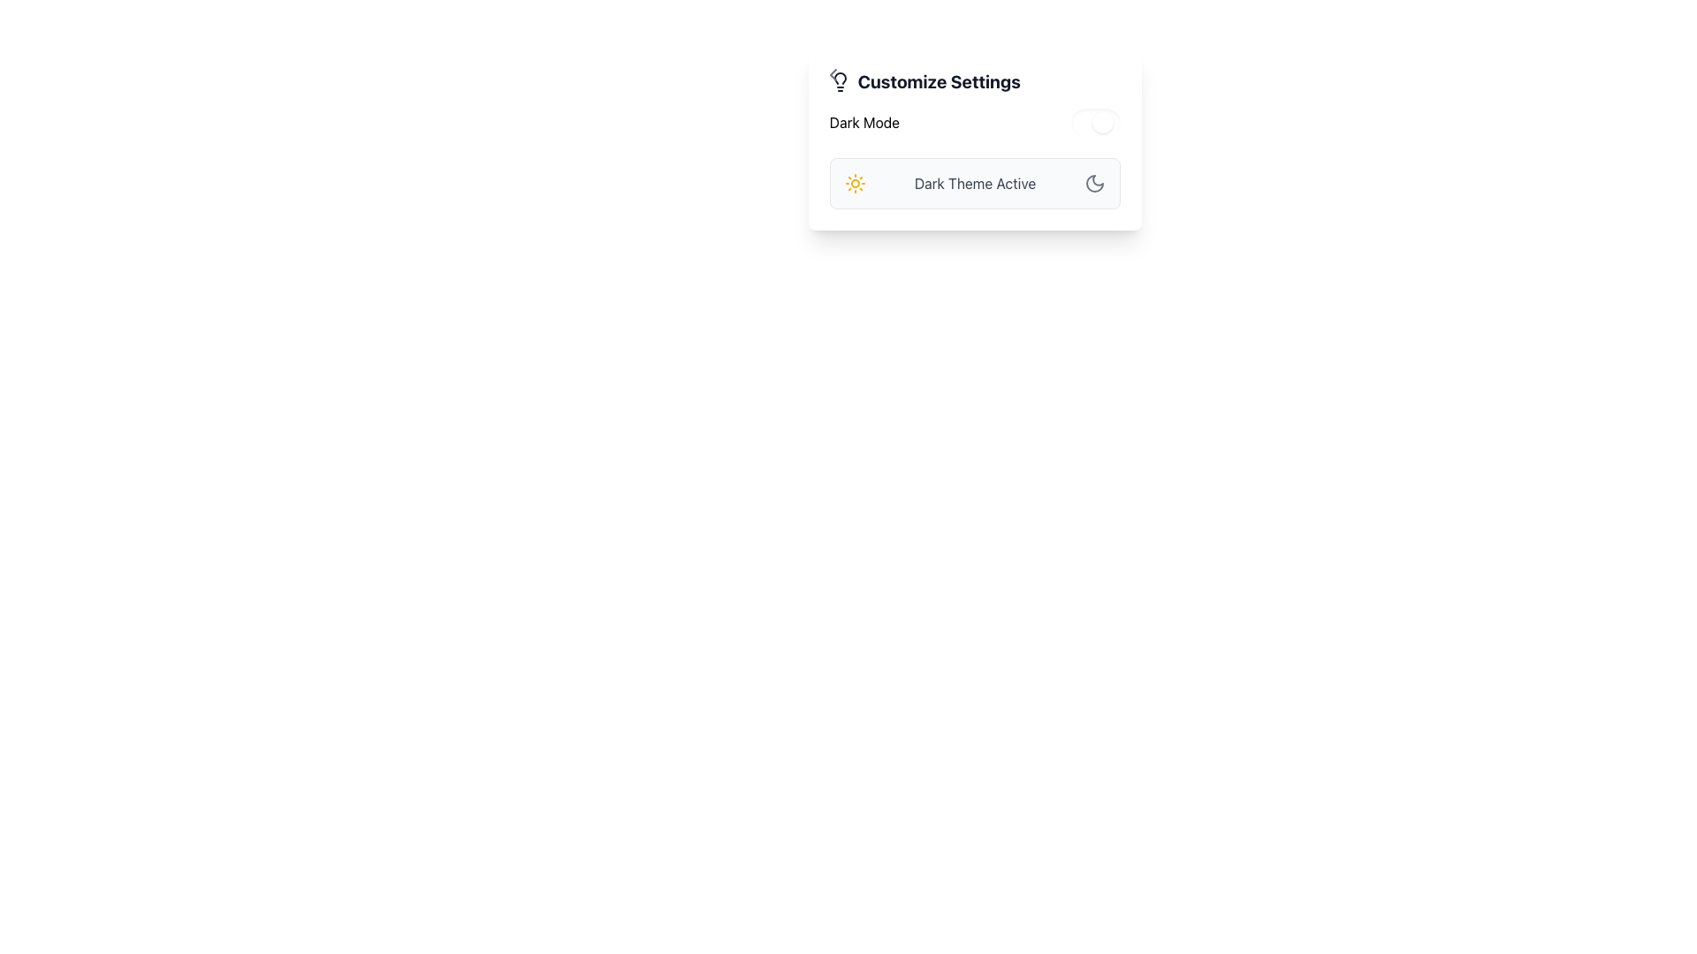 The width and height of the screenshot is (1697, 954). Describe the element at coordinates (974, 159) in the screenshot. I see `the icons in the Informational Box indicating the current theme status, which states 'Dark Theme Active'. This box is located at the bottom of the 'Customize Settings' section, directly below the 'Dark Mode' subsection` at that location.